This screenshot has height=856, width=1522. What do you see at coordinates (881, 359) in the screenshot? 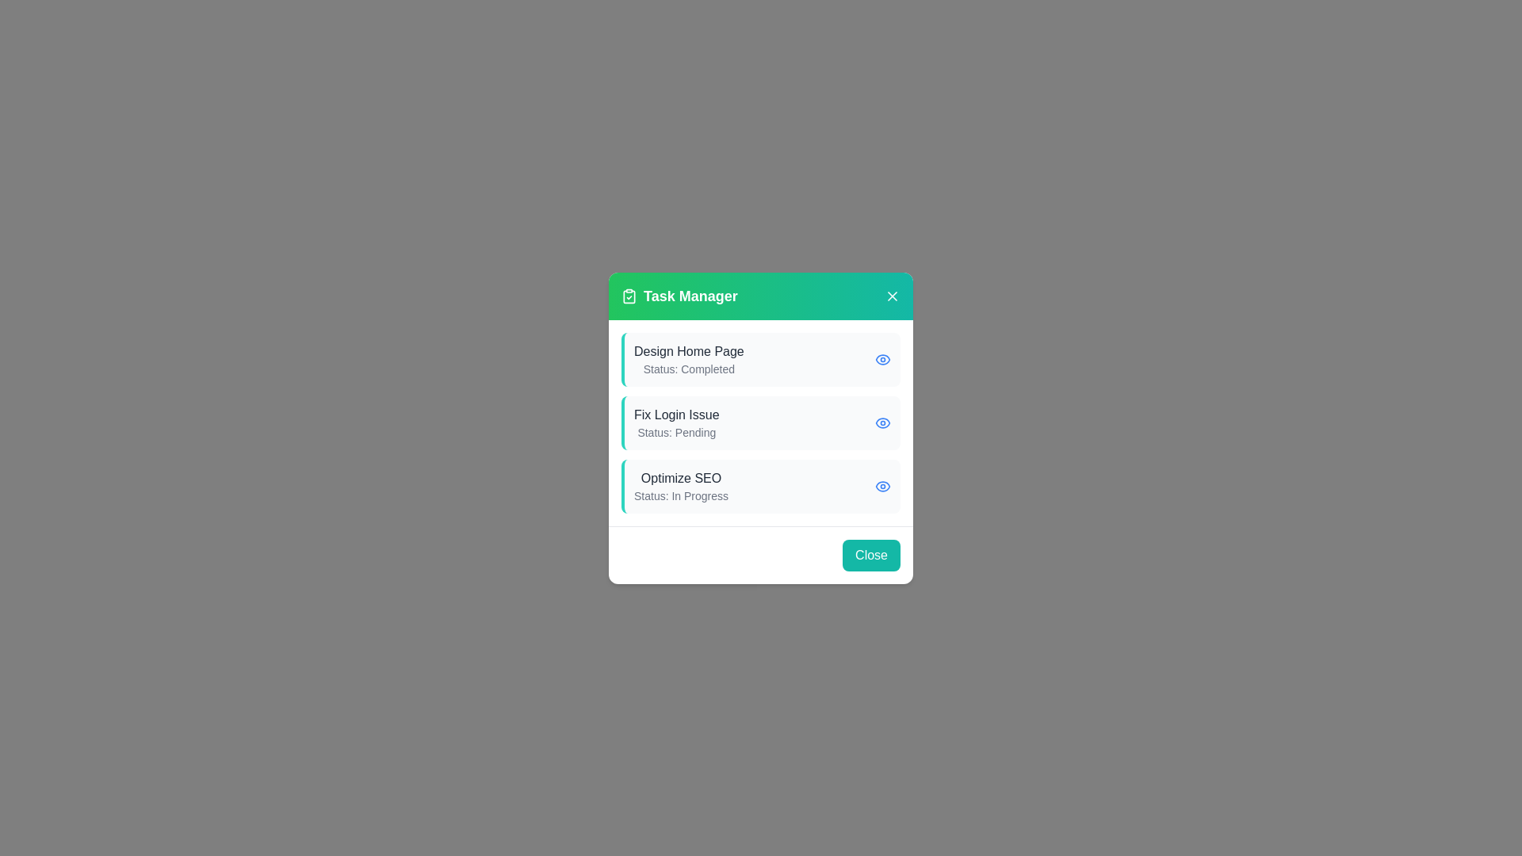
I see `the eye icon button located on the right side of the row titled 'Design Home Page'` at bounding box center [881, 359].